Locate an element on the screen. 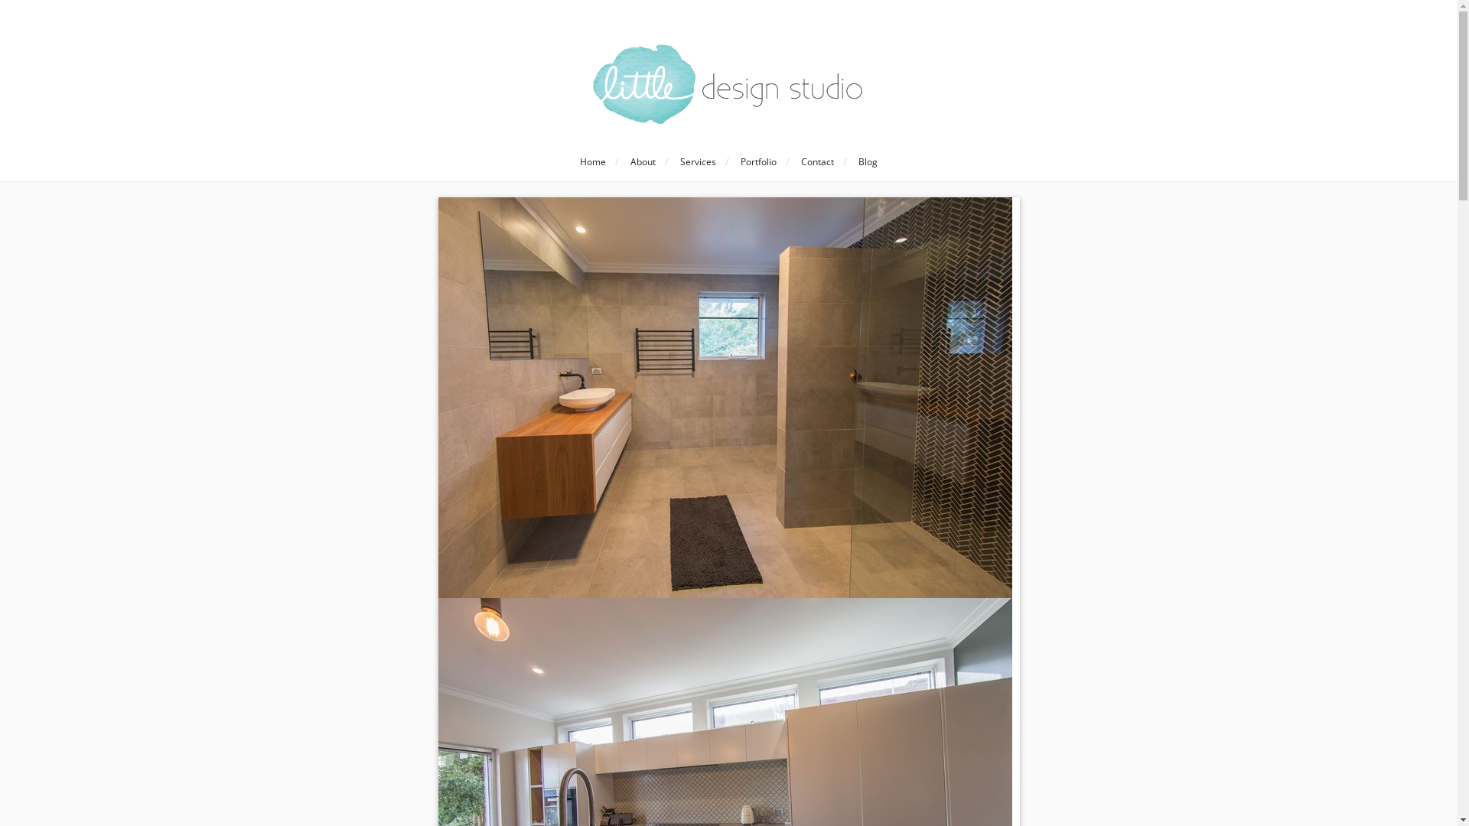  'About' is located at coordinates (643, 162).